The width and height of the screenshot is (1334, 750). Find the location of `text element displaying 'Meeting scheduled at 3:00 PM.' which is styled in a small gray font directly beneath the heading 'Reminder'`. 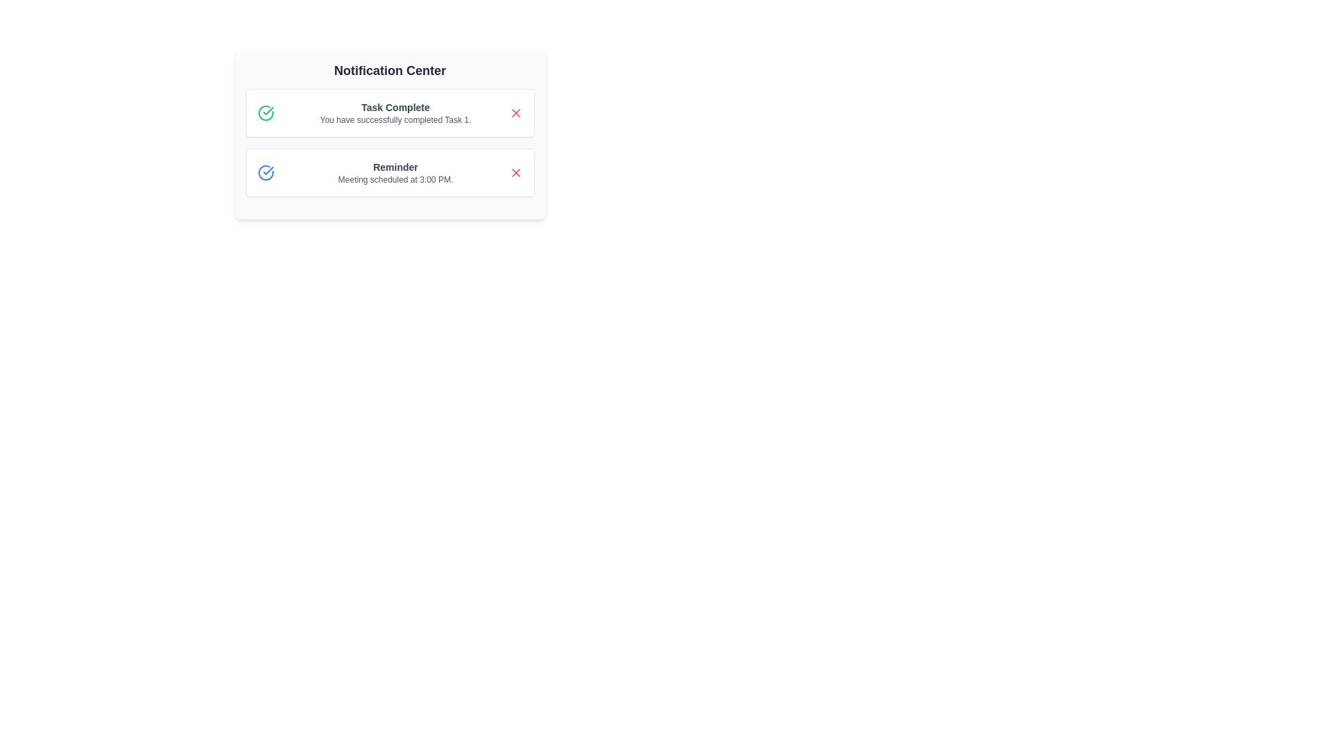

text element displaying 'Meeting scheduled at 3:00 PM.' which is styled in a small gray font directly beneath the heading 'Reminder' is located at coordinates (395, 178).